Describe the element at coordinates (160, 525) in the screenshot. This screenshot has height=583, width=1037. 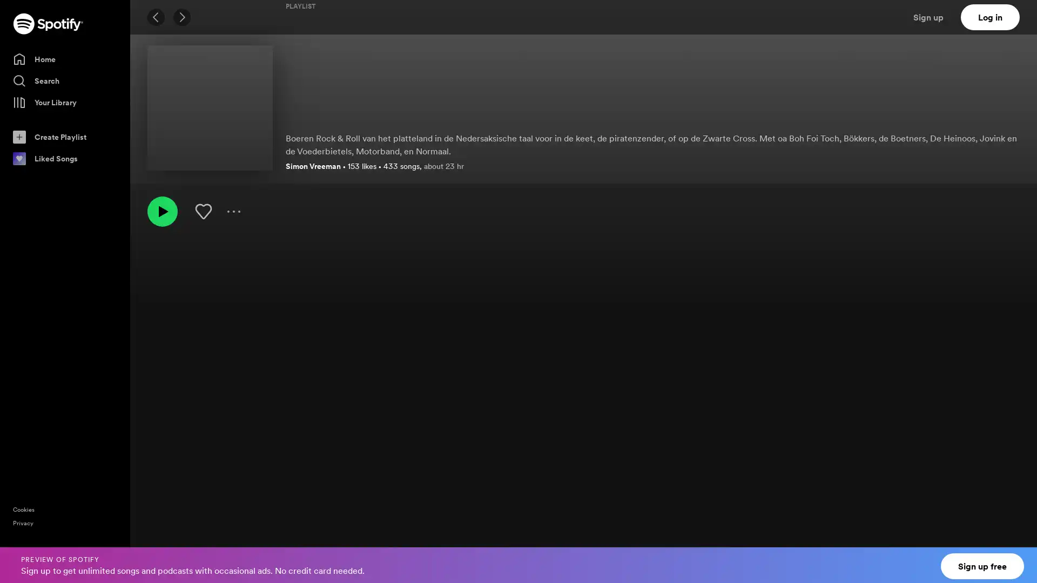
I see `Play 't Armenhuus by Boh Foi Toch` at that location.